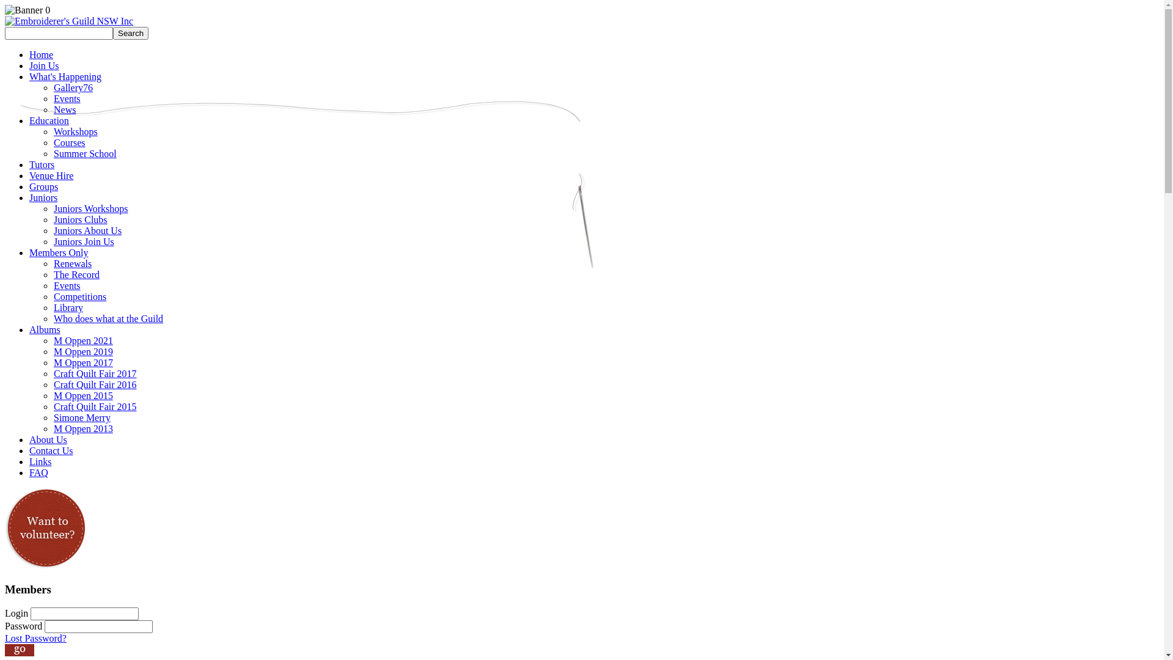 This screenshot has width=1173, height=660. What do you see at coordinates (64, 76) in the screenshot?
I see `'What's Happening'` at bounding box center [64, 76].